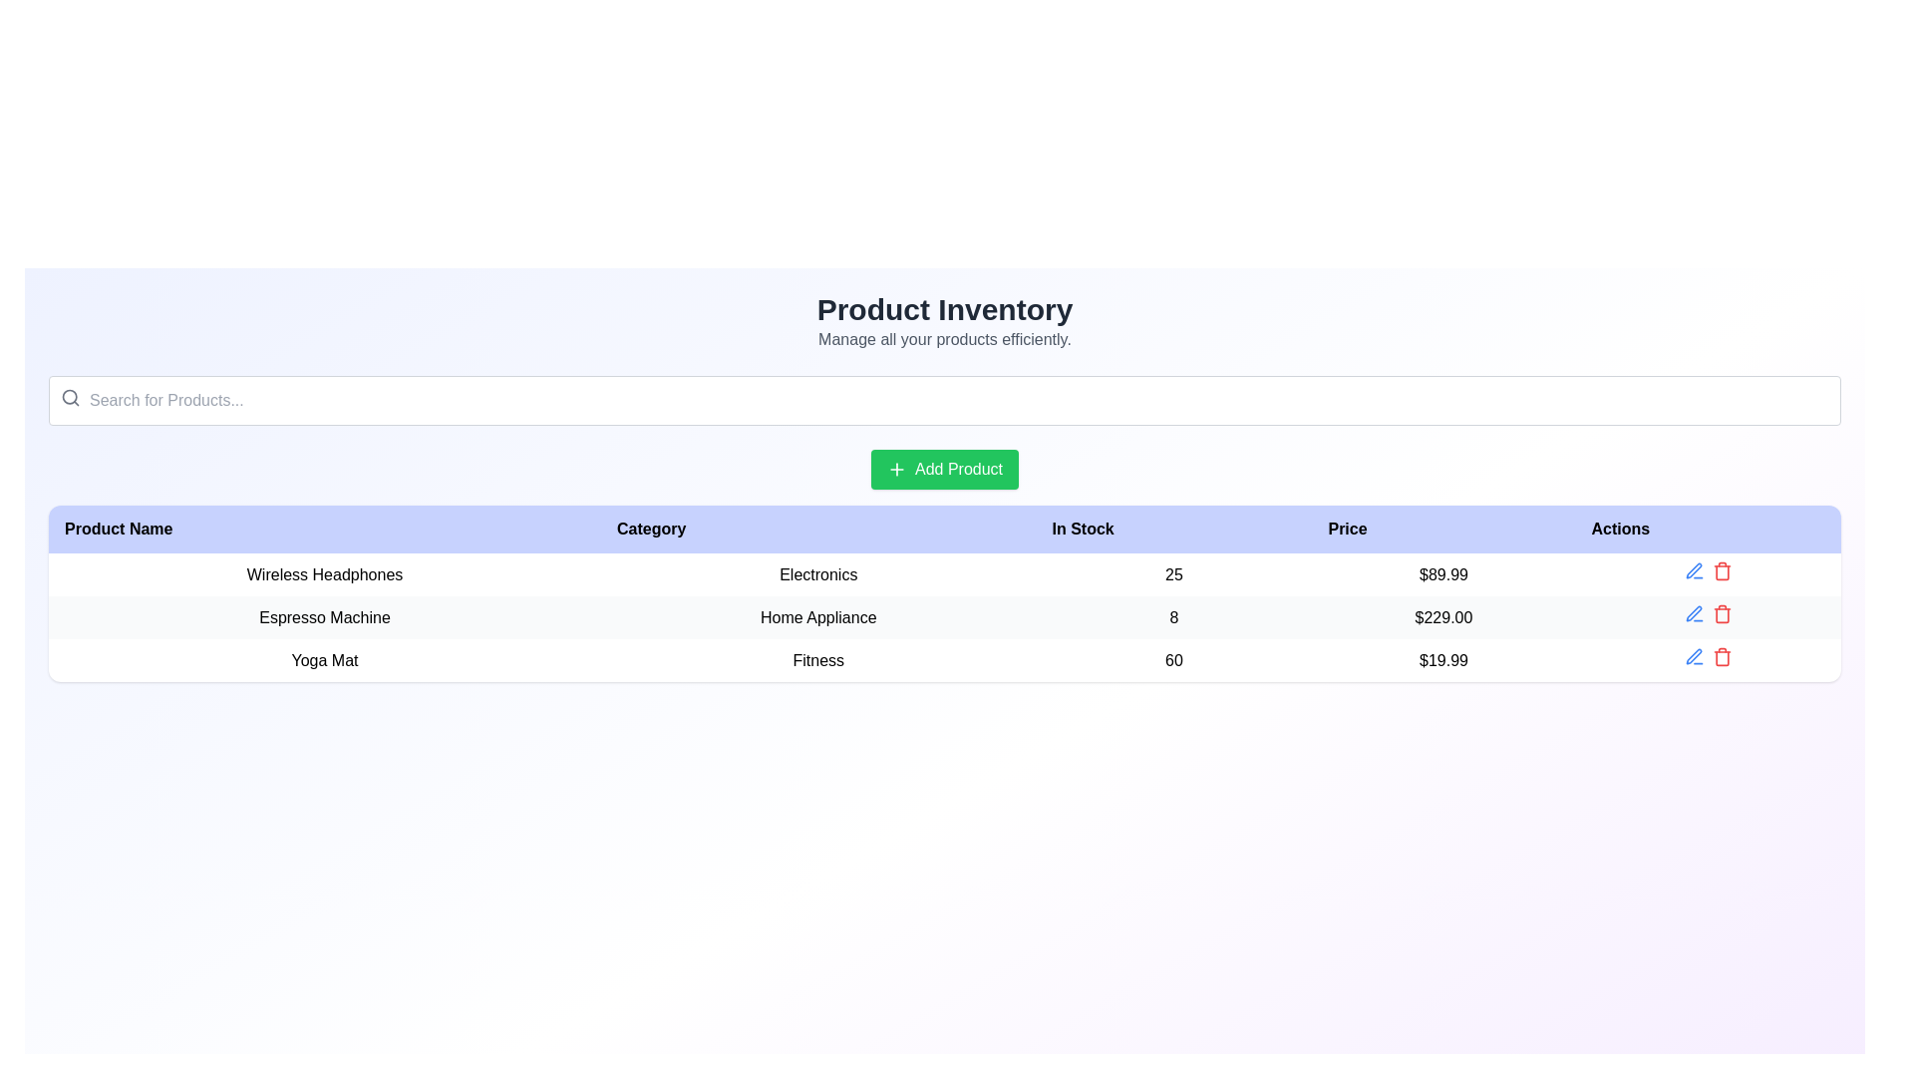 The width and height of the screenshot is (1914, 1077). Describe the element at coordinates (1693, 613) in the screenshot. I see `the icon button in the 'Actions' column for the 'Espresso Machine' entry` at that location.